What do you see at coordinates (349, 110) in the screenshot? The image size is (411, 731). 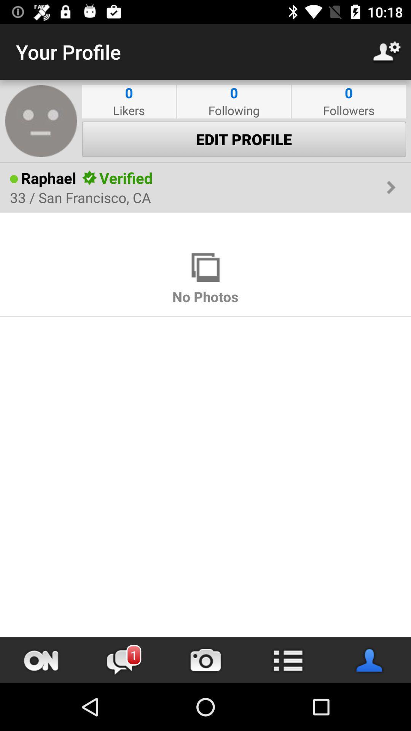 I see `icon below the 0 item` at bounding box center [349, 110].